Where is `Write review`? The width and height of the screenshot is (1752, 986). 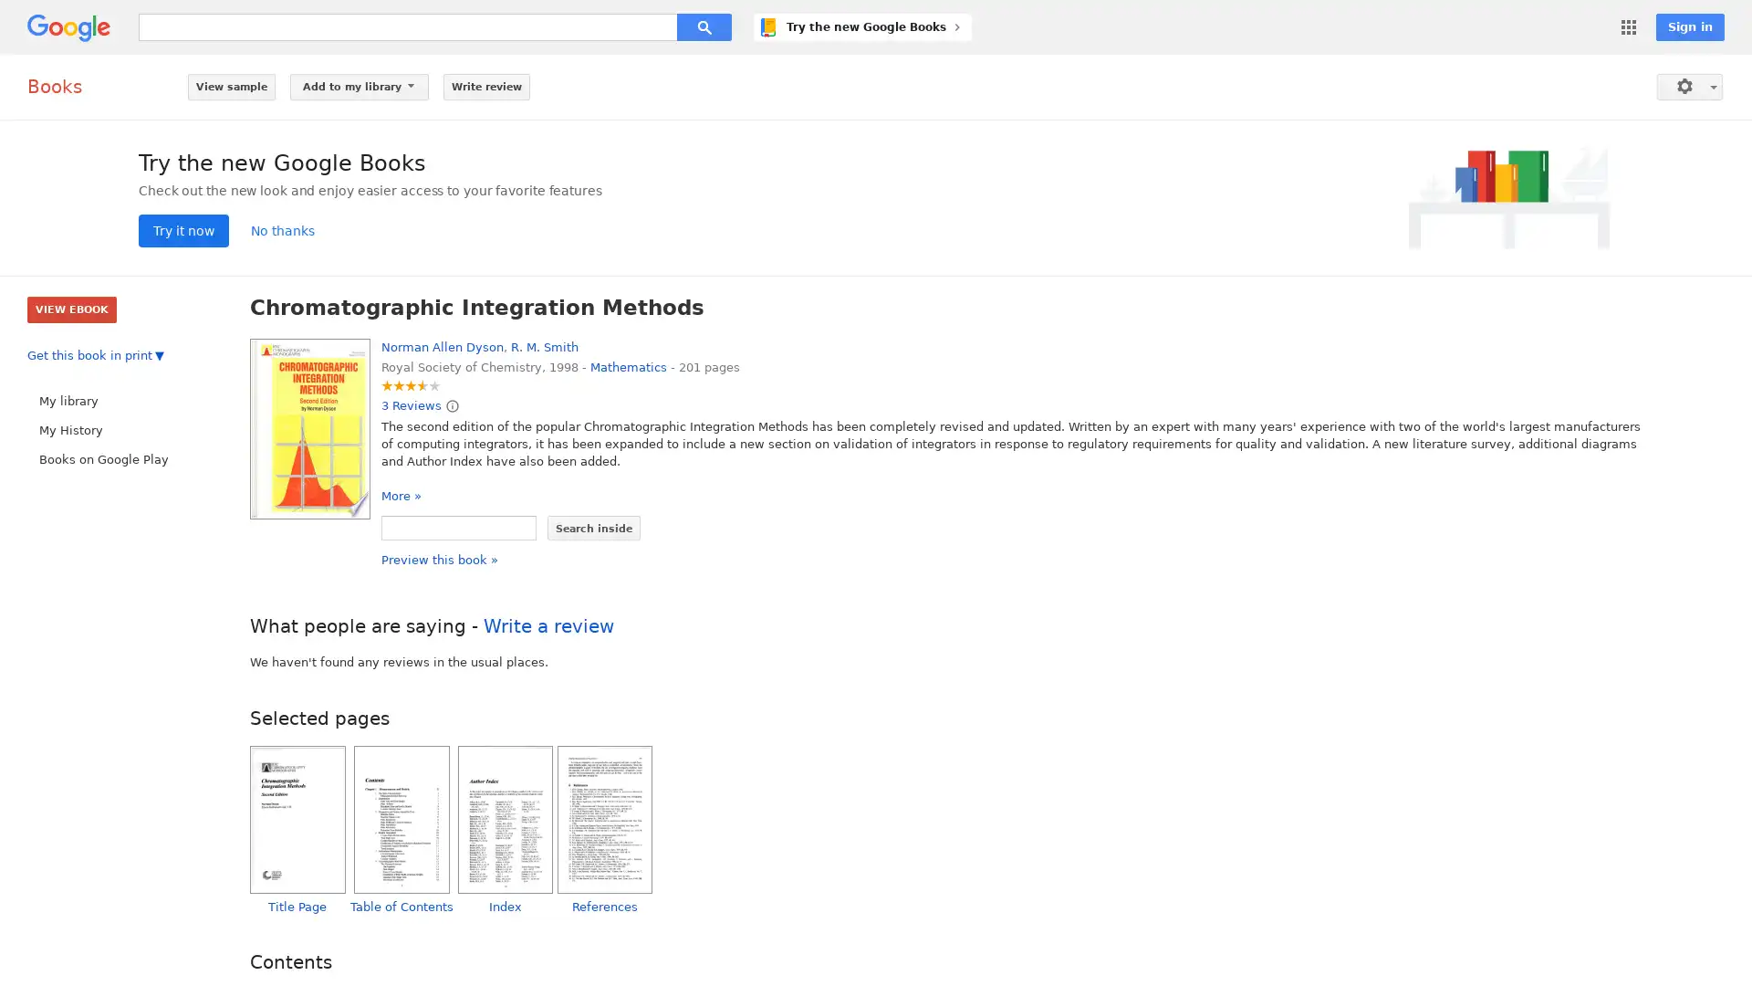 Write review is located at coordinates (486, 87).